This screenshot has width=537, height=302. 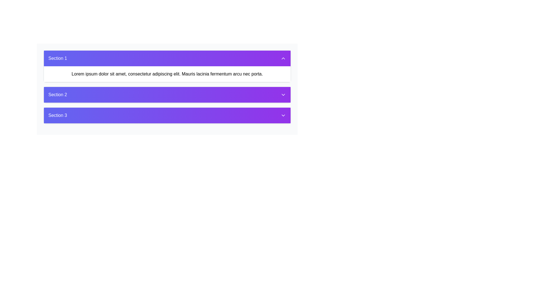 What do you see at coordinates (167, 74) in the screenshot?
I see `the text block containing the phrase 'Lorem ipsum dolor sit amet, consectetur adipiscing elit. Mauris lacinia fermentum arcu nec porta.' which is located below the header 'Section 1'` at bounding box center [167, 74].